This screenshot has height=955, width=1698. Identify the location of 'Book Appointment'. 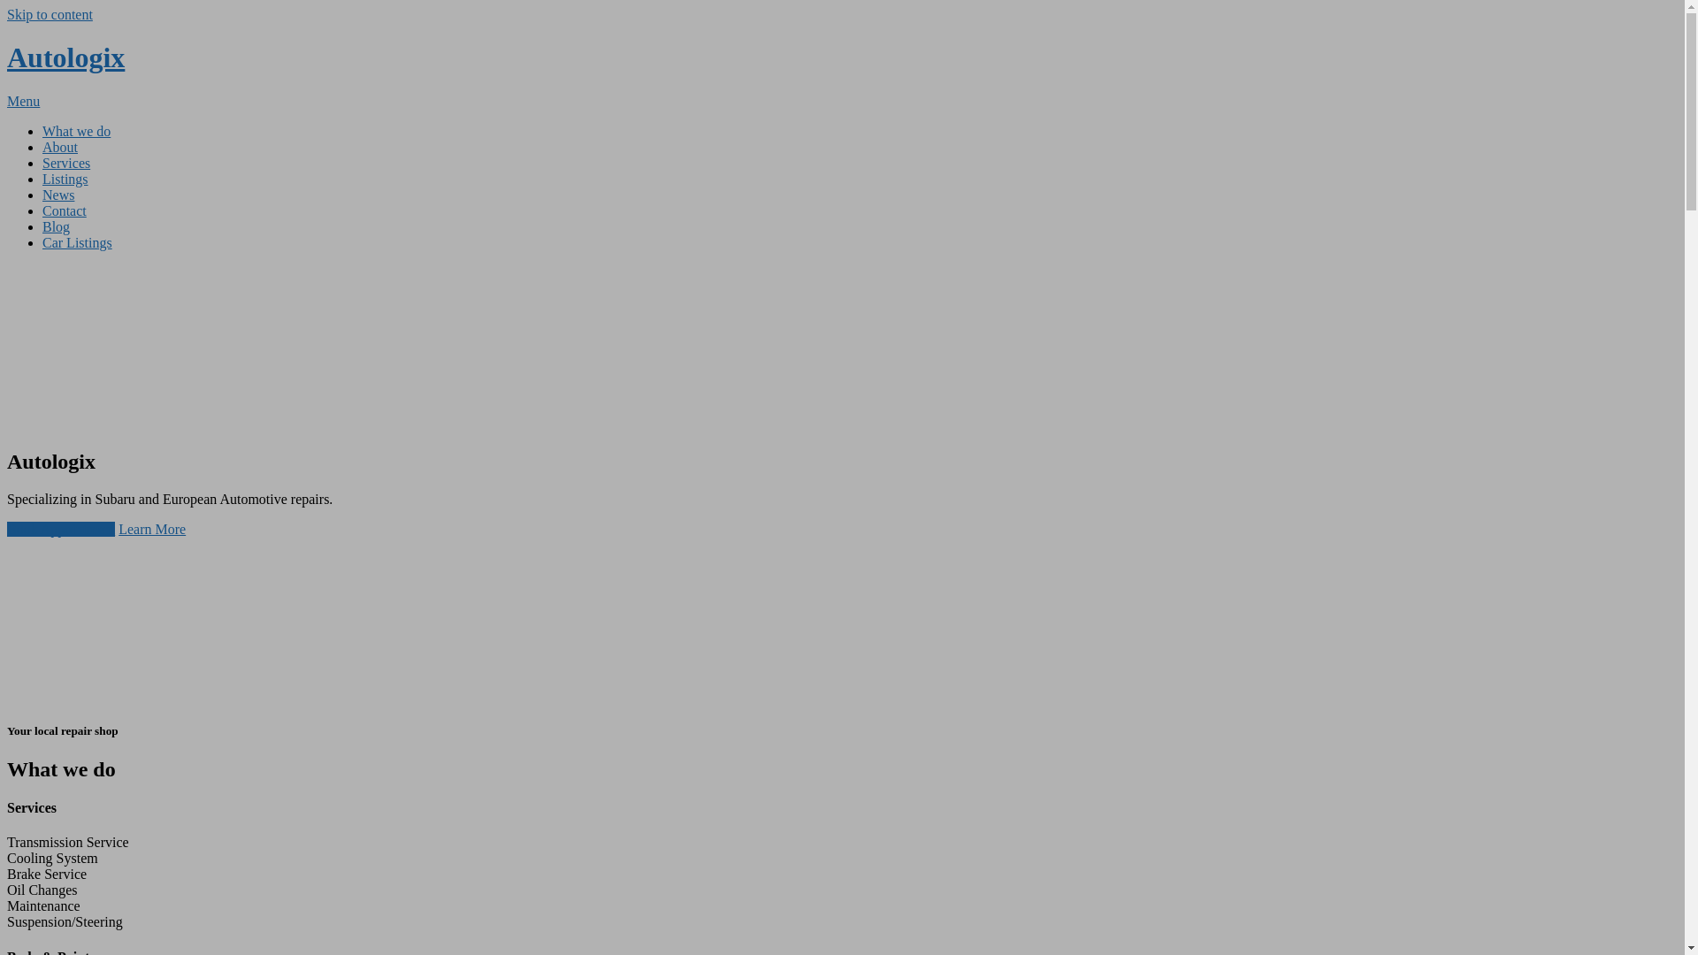
(7, 528).